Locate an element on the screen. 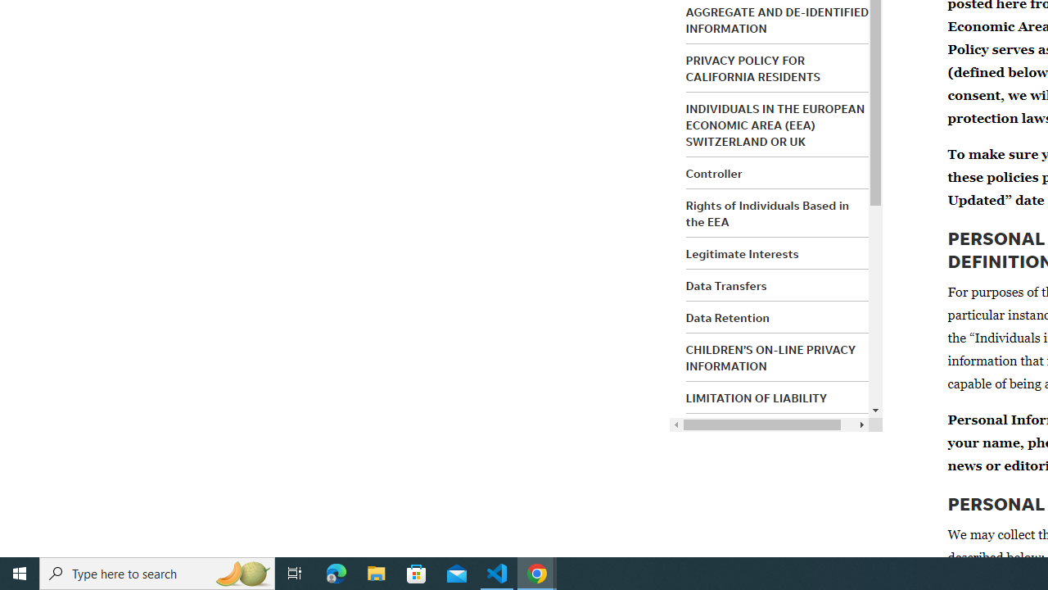 The width and height of the screenshot is (1048, 590). 'Rights of Individuals Based in the EEA' is located at coordinates (766, 213).